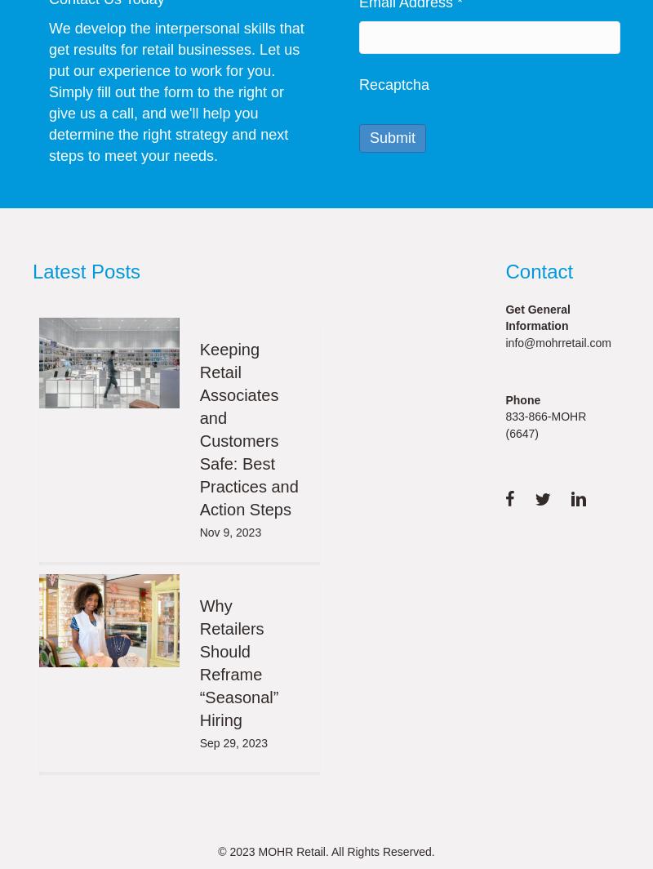 The height and width of the screenshot is (869, 653). I want to click on 'Contact', so click(505, 270).